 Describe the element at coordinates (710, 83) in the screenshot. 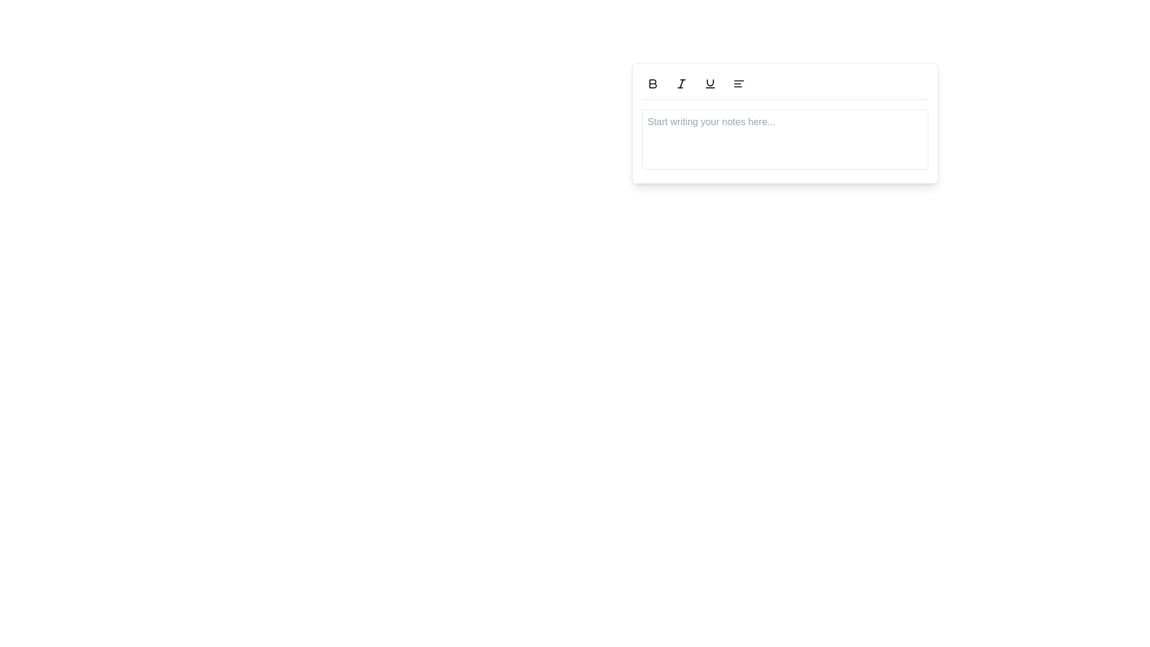

I see `the underline button in the top row of the text formatting toolbar` at that location.